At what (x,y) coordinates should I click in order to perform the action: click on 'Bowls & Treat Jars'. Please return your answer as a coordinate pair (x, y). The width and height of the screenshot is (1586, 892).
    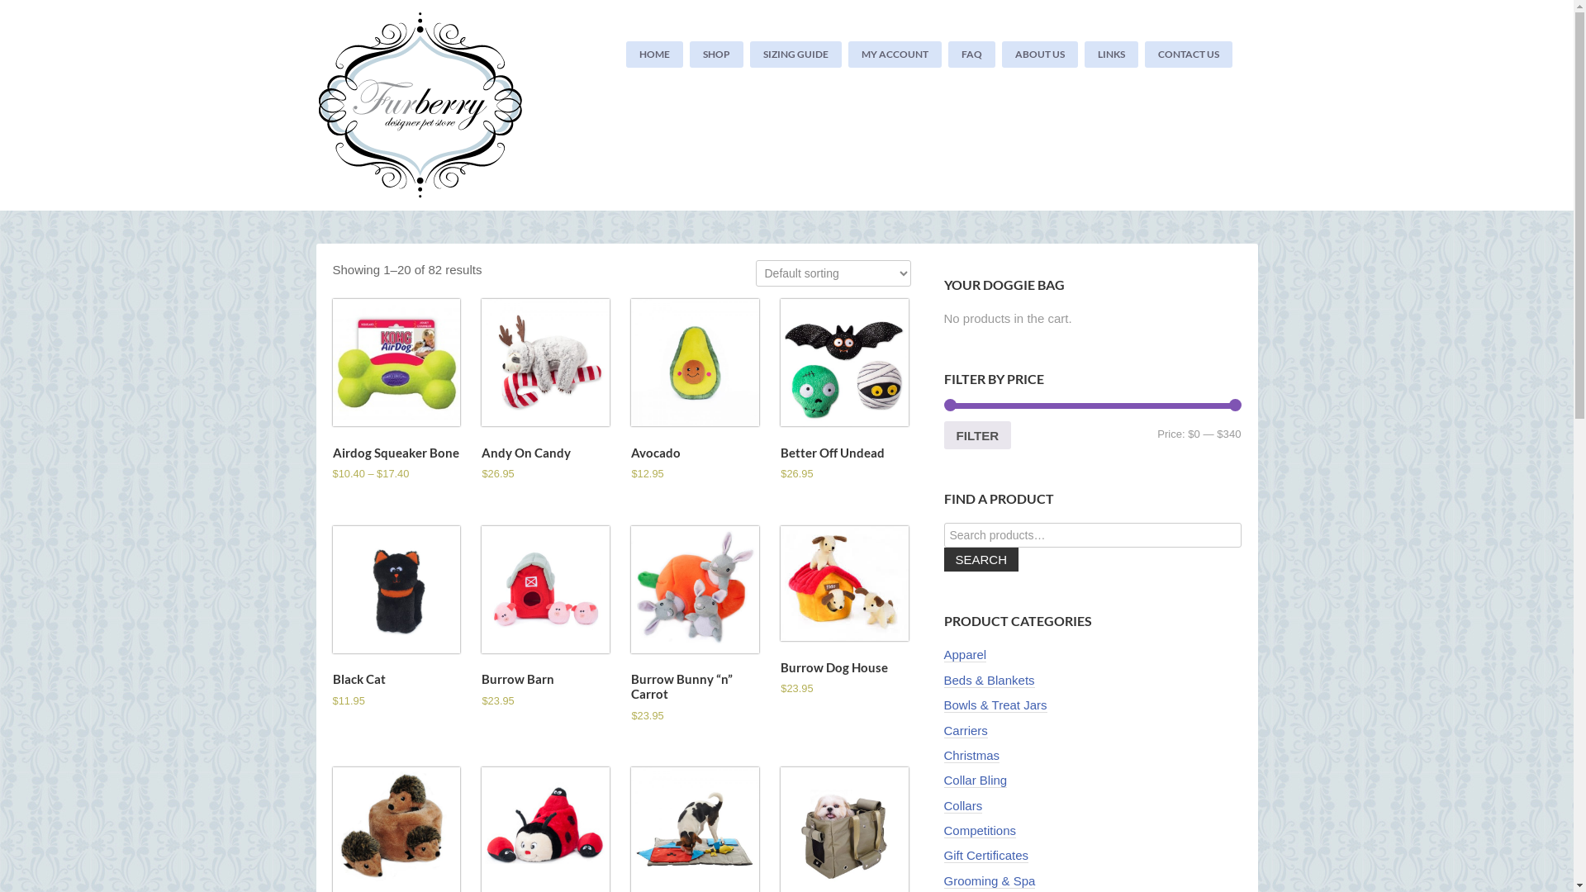
    Looking at the image, I should click on (994, 705).